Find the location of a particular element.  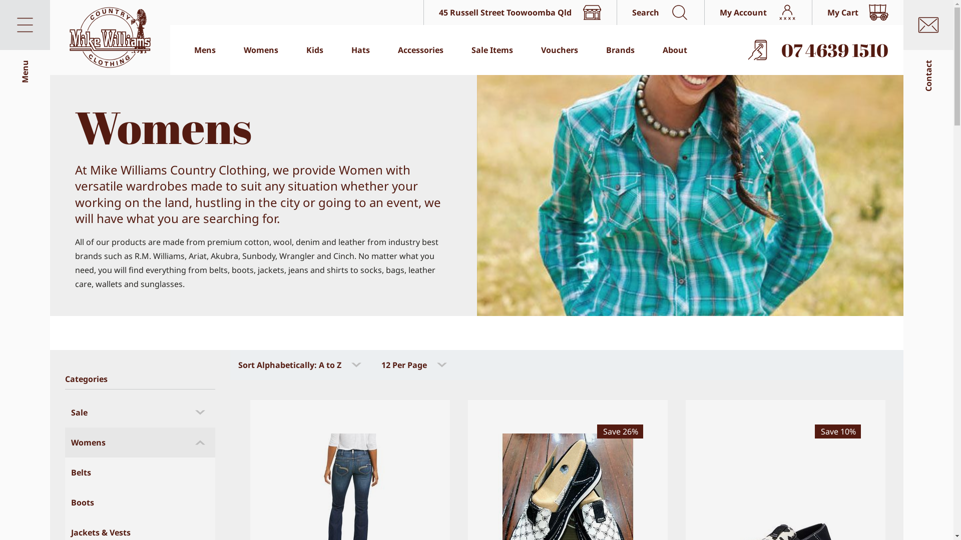

'My Cart' is located at coordinates (857, 12).